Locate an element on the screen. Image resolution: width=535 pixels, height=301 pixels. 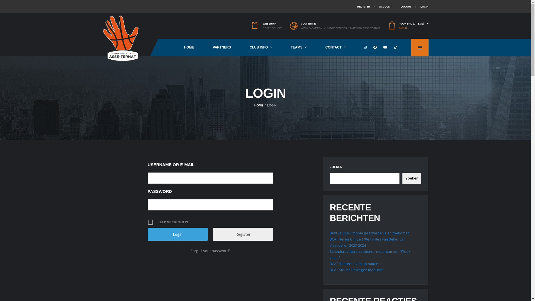
'BCAT Masters even op pauze' is located at coordinates (354, 263).